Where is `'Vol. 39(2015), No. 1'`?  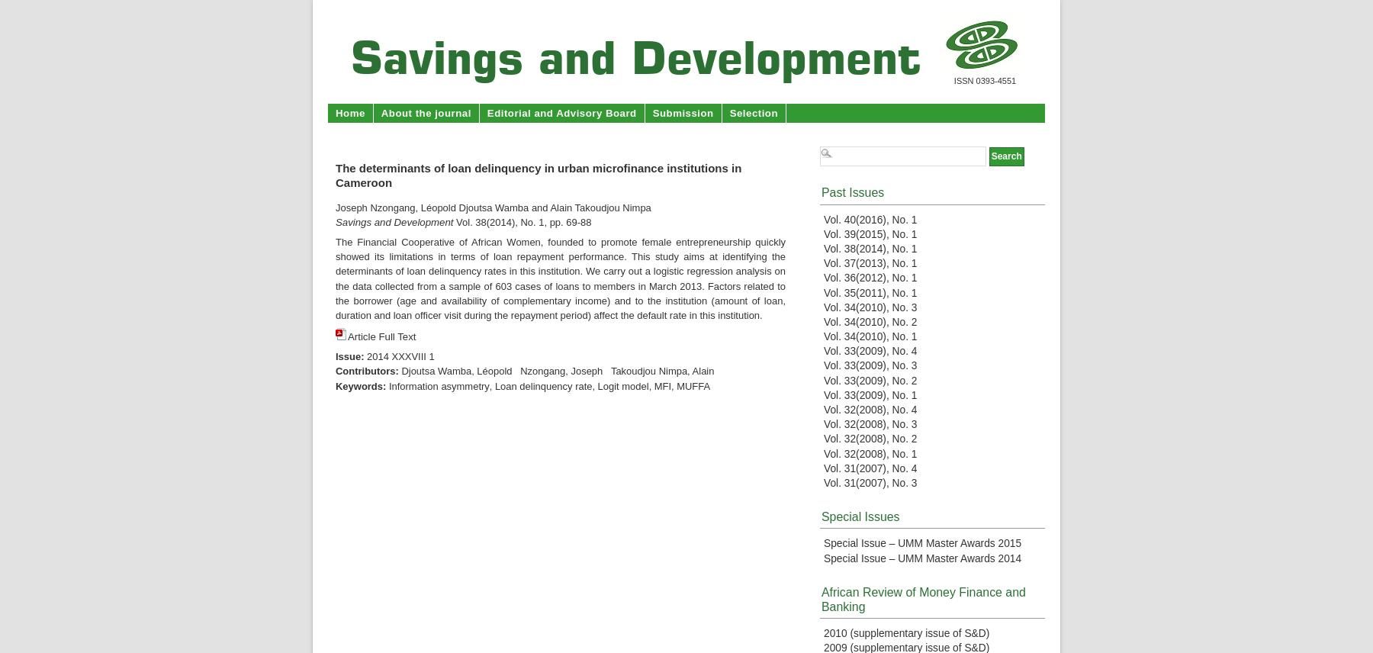
'Vol. 39(2015), No. 1' is located at coordinates (824, 233).